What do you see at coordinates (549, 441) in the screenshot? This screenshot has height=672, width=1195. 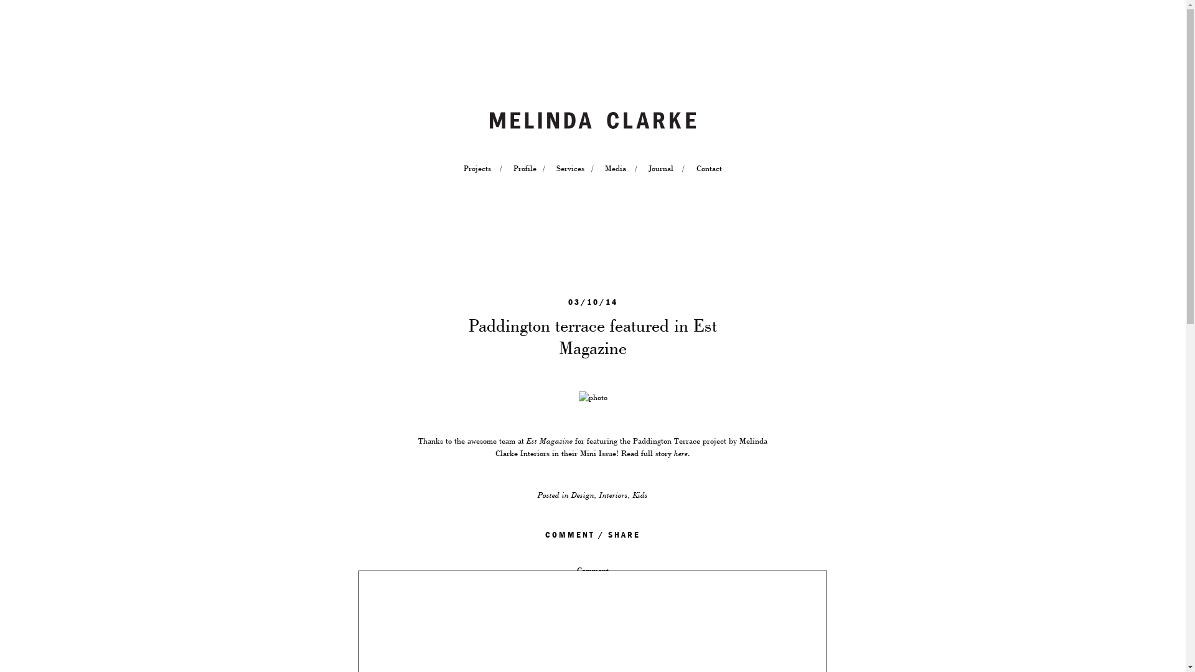 I see `'Est Magazine'` at bounding box center [549, 441].